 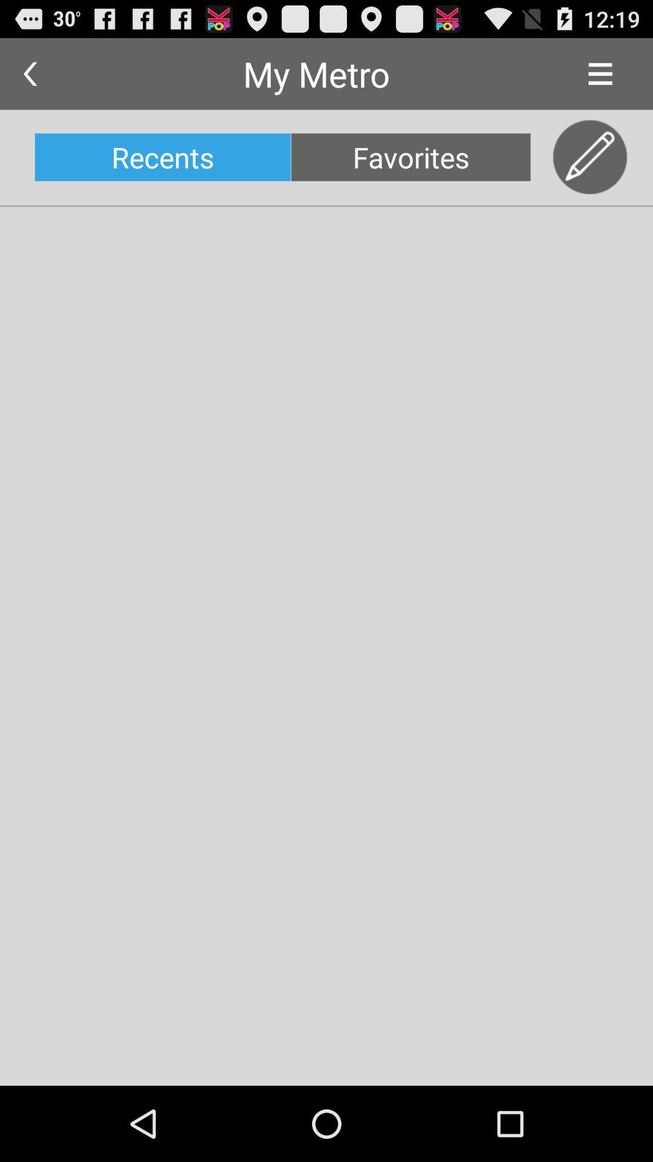 I want to click on item below my metro icon, so click(x=410, y=156).